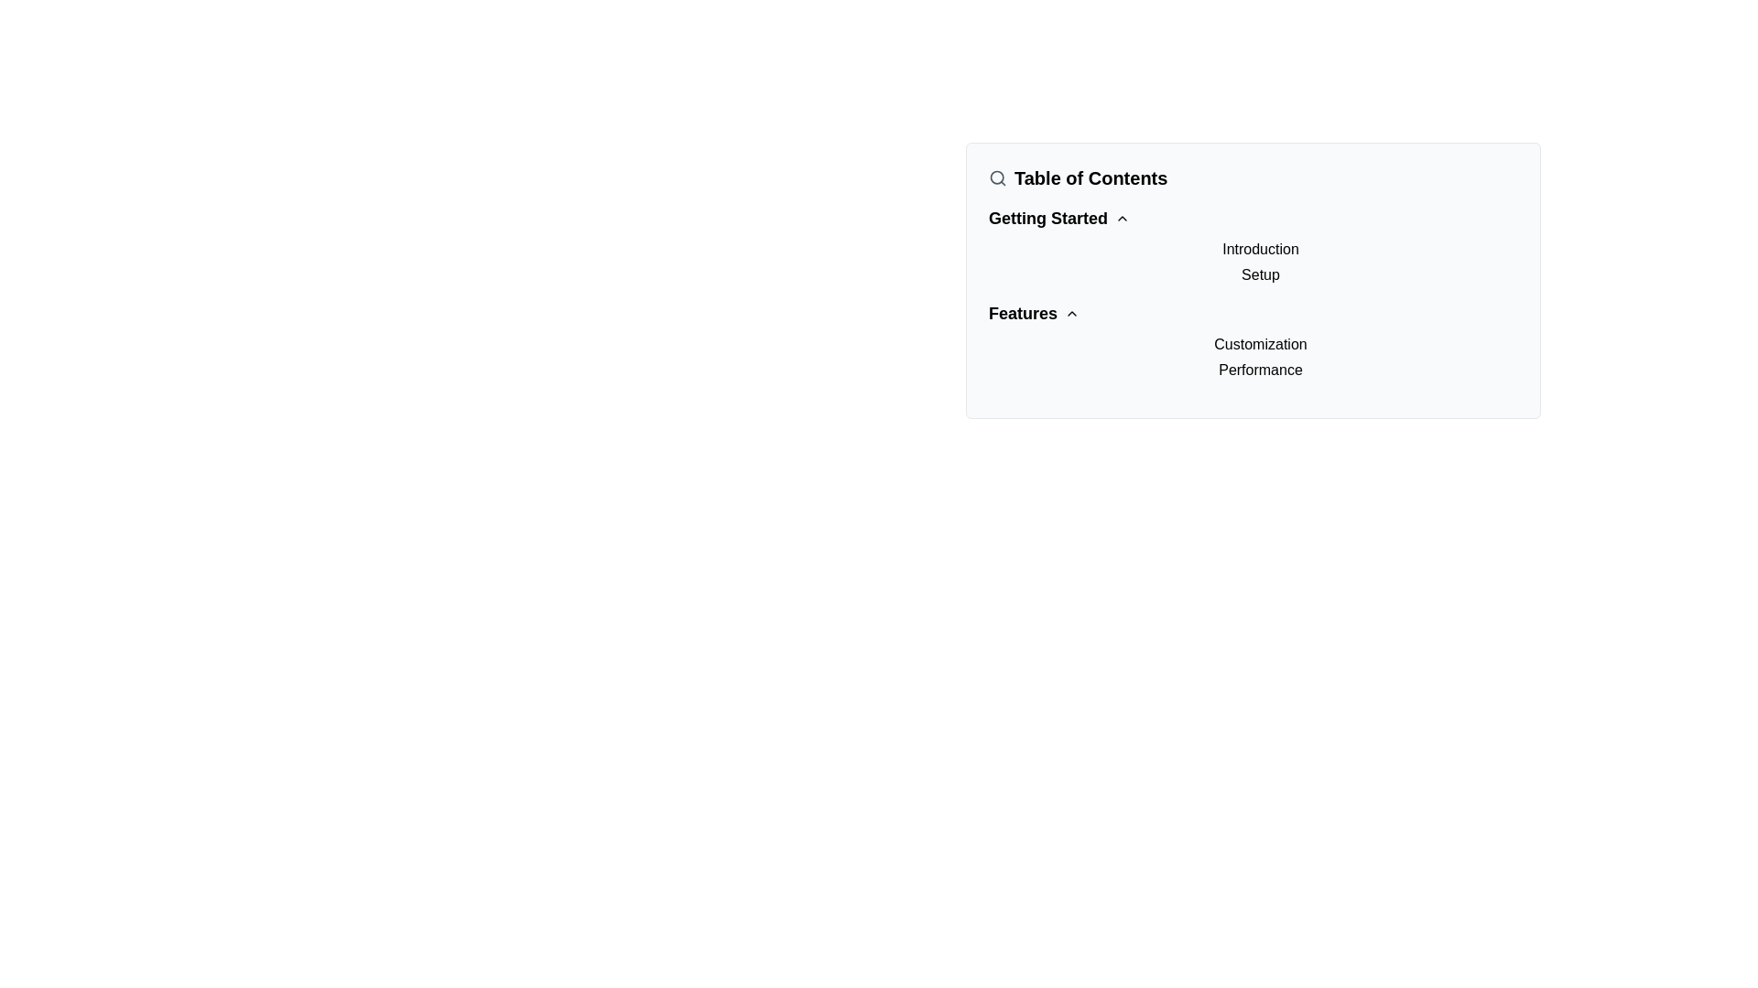 This screenshot has height=988, width=1758. I want to click on the 'Table of Contents' label, which is a prominently displayed text label in bold and large font, located near the top of the content area with an icon to its left, so click(1091, 178).